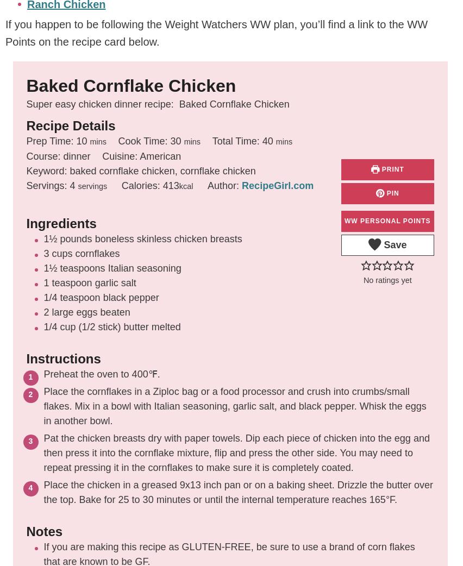 This screenshot has width=463, height=566. I want to click on 'Pat the chicken breasts dry with paper towels. Dip each piece of chicken into the egg and then press it into the cornflake mixture, flip and press the other side. You may need to repeat pressing it in the cornflakes to make sure it is completely coated.', so click(43, 453).